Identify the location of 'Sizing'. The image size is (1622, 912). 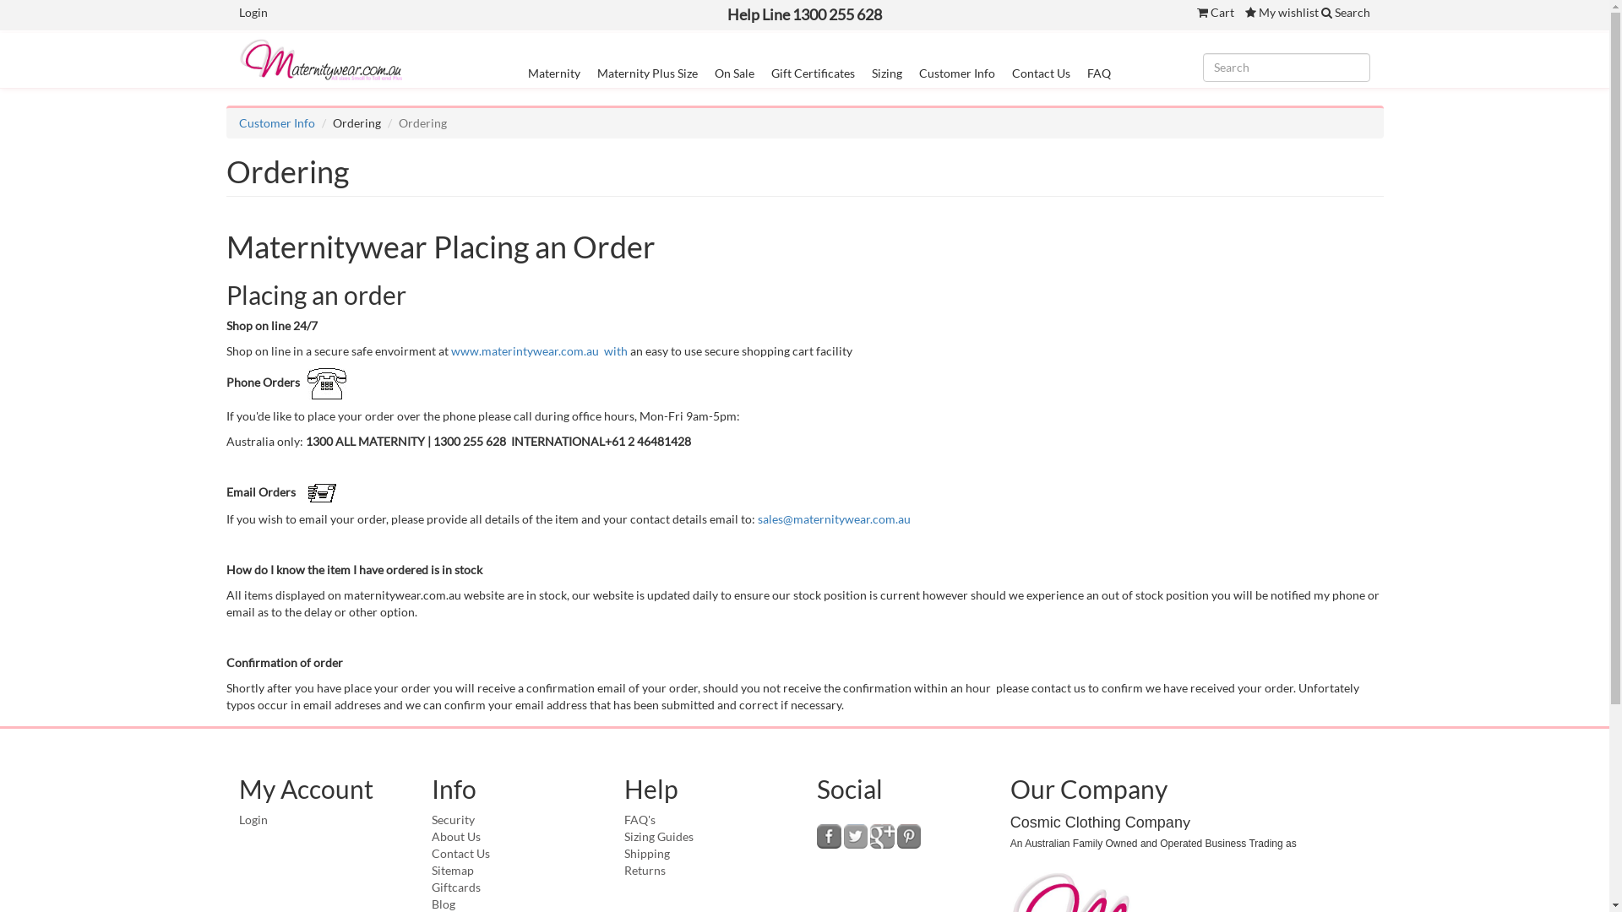
(886, 72).